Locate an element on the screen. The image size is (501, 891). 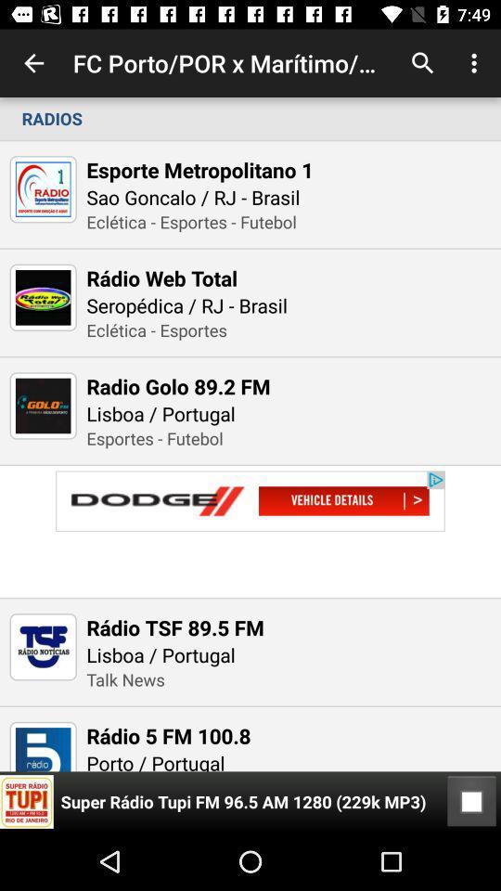
advertisement is located at coordinates (250, 532).